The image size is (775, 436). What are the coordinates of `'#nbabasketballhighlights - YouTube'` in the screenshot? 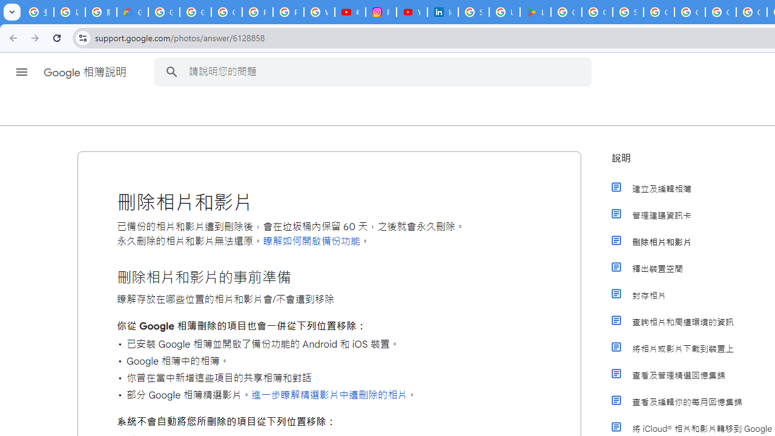 It's located at (349, 12).